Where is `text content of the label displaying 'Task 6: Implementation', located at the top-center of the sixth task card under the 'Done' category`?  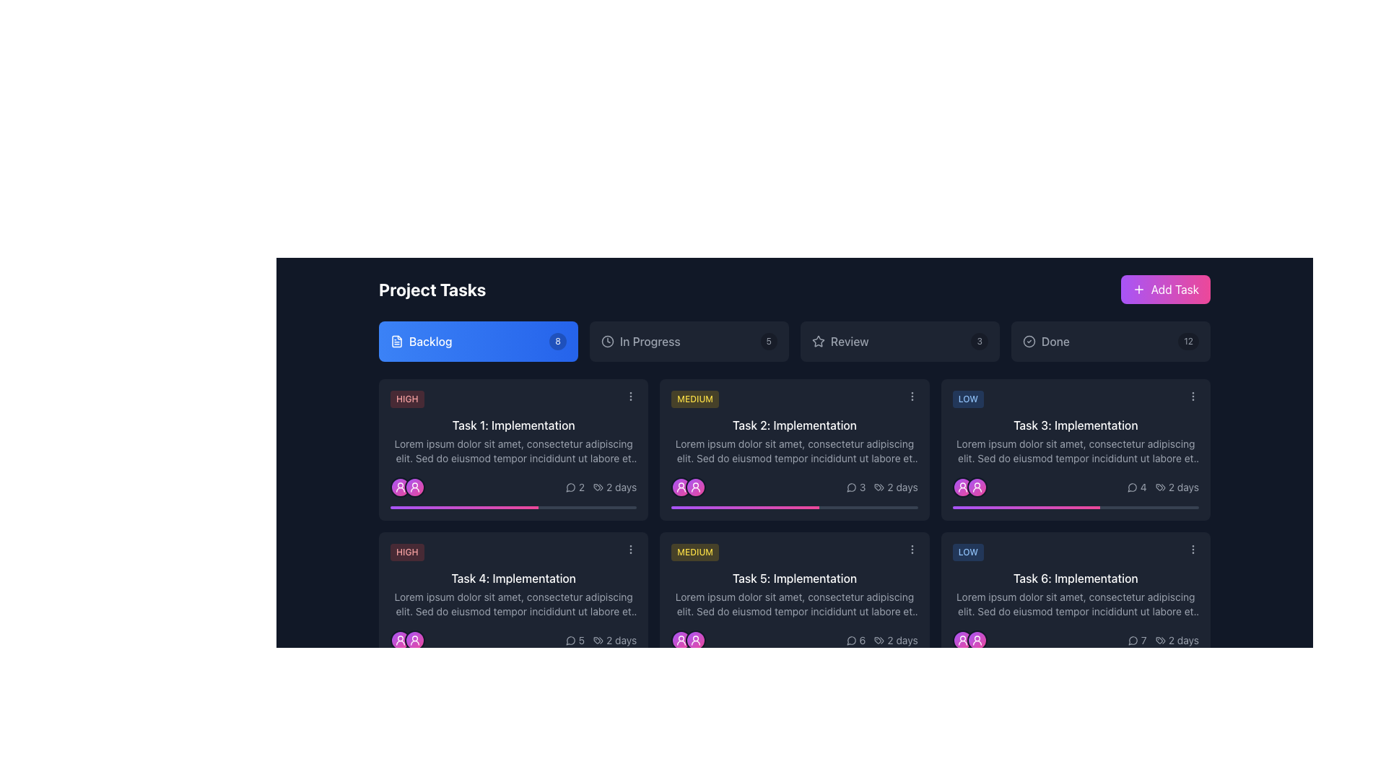 text content of the label displaying 'Task 6: Implementation', located at the top-center of the sixth task card under the 'Done' category is located at coordinates (1076, 578).